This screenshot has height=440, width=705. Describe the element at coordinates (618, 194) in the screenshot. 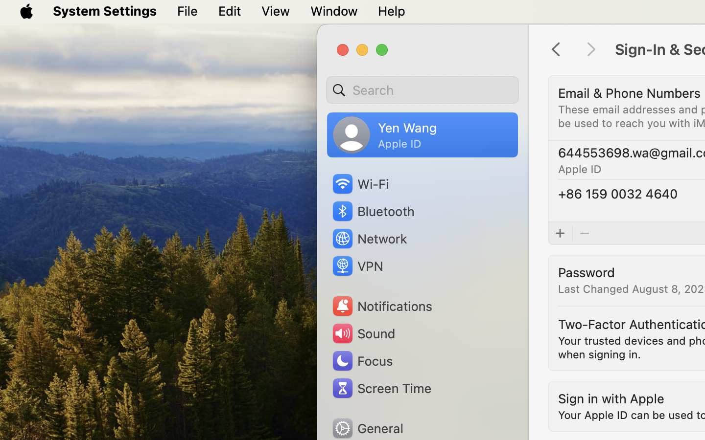

I see `'+86 159 0032 4640'` at that location.